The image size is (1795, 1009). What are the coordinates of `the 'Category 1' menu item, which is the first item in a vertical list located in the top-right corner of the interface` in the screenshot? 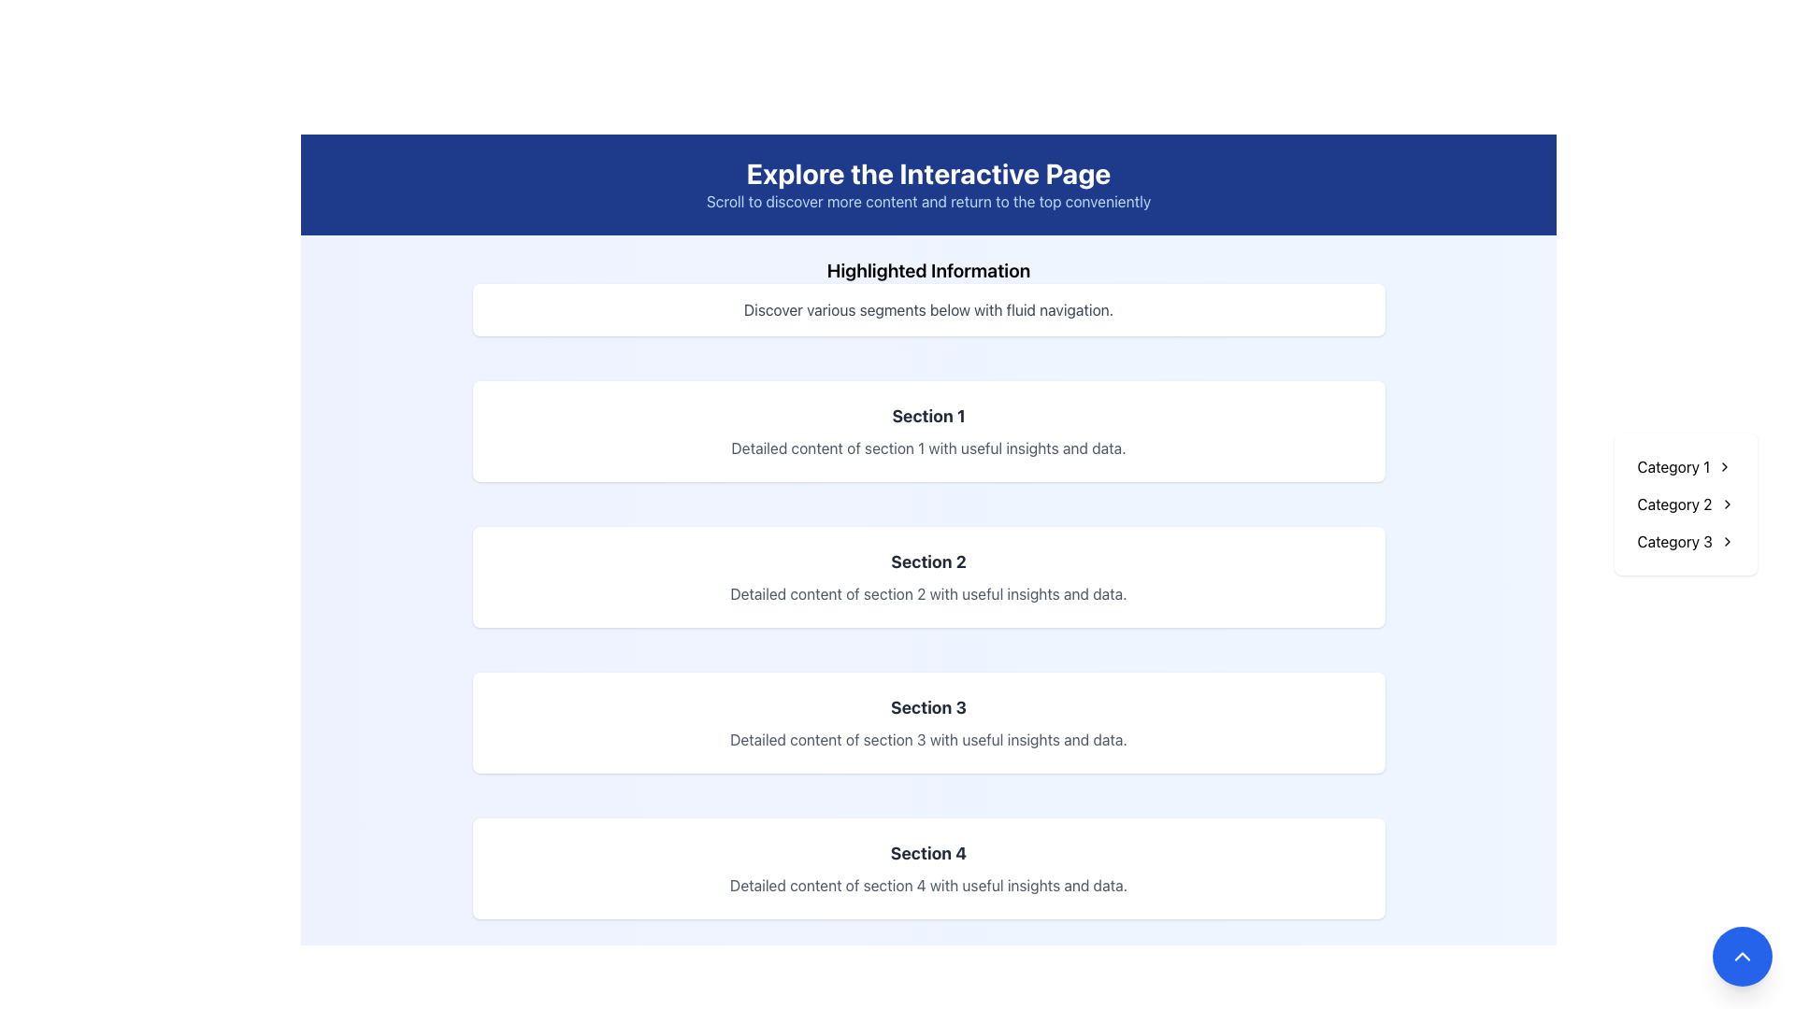 It's located at (1673, 466).